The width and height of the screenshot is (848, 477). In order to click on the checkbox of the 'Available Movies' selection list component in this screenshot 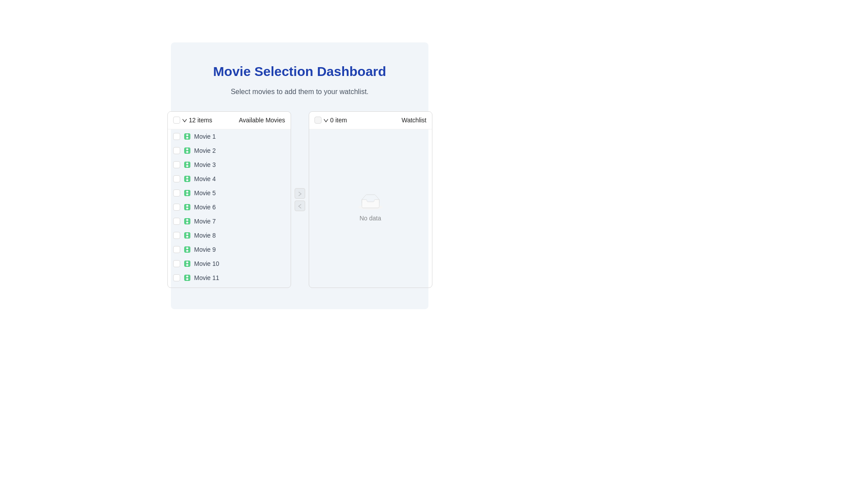, I will do `click(229, 199)`.